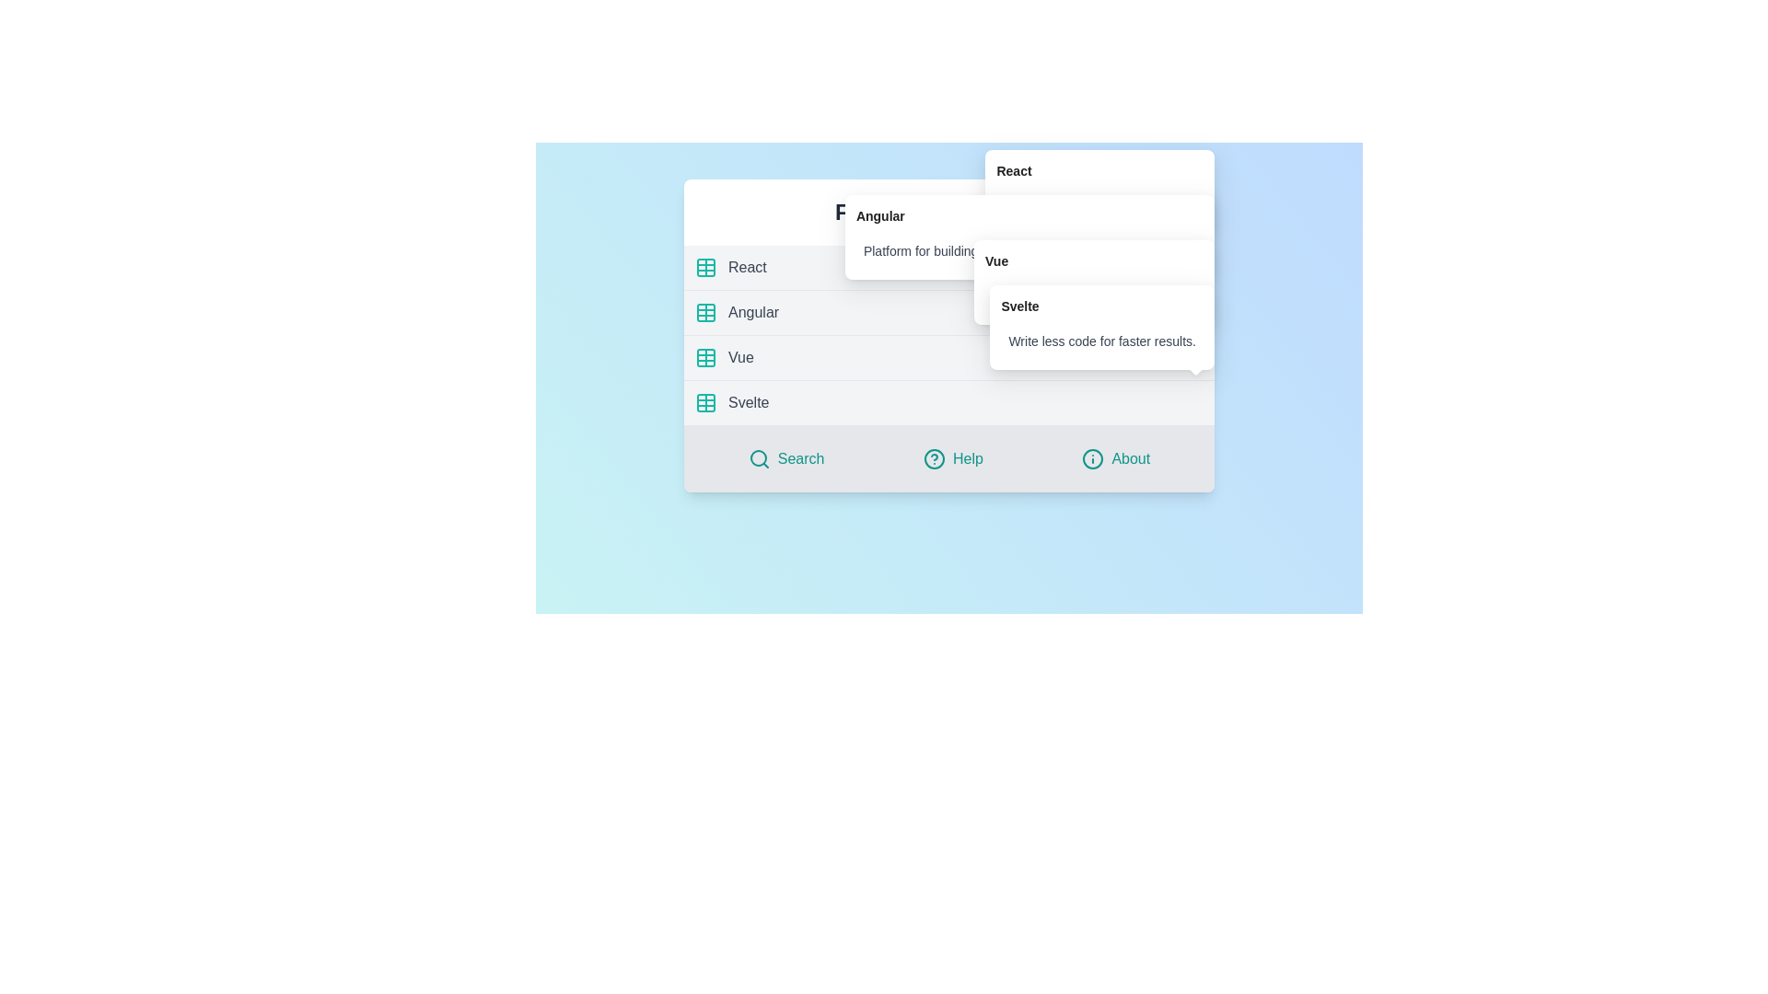  What do you see at coordinates (1093, 457) in the screenshot?
I see `the 'About' section icon located at the rightmost side of the footer navigation bar, positioned to the left of the word 'About'` at bounding box center [1093, 457].